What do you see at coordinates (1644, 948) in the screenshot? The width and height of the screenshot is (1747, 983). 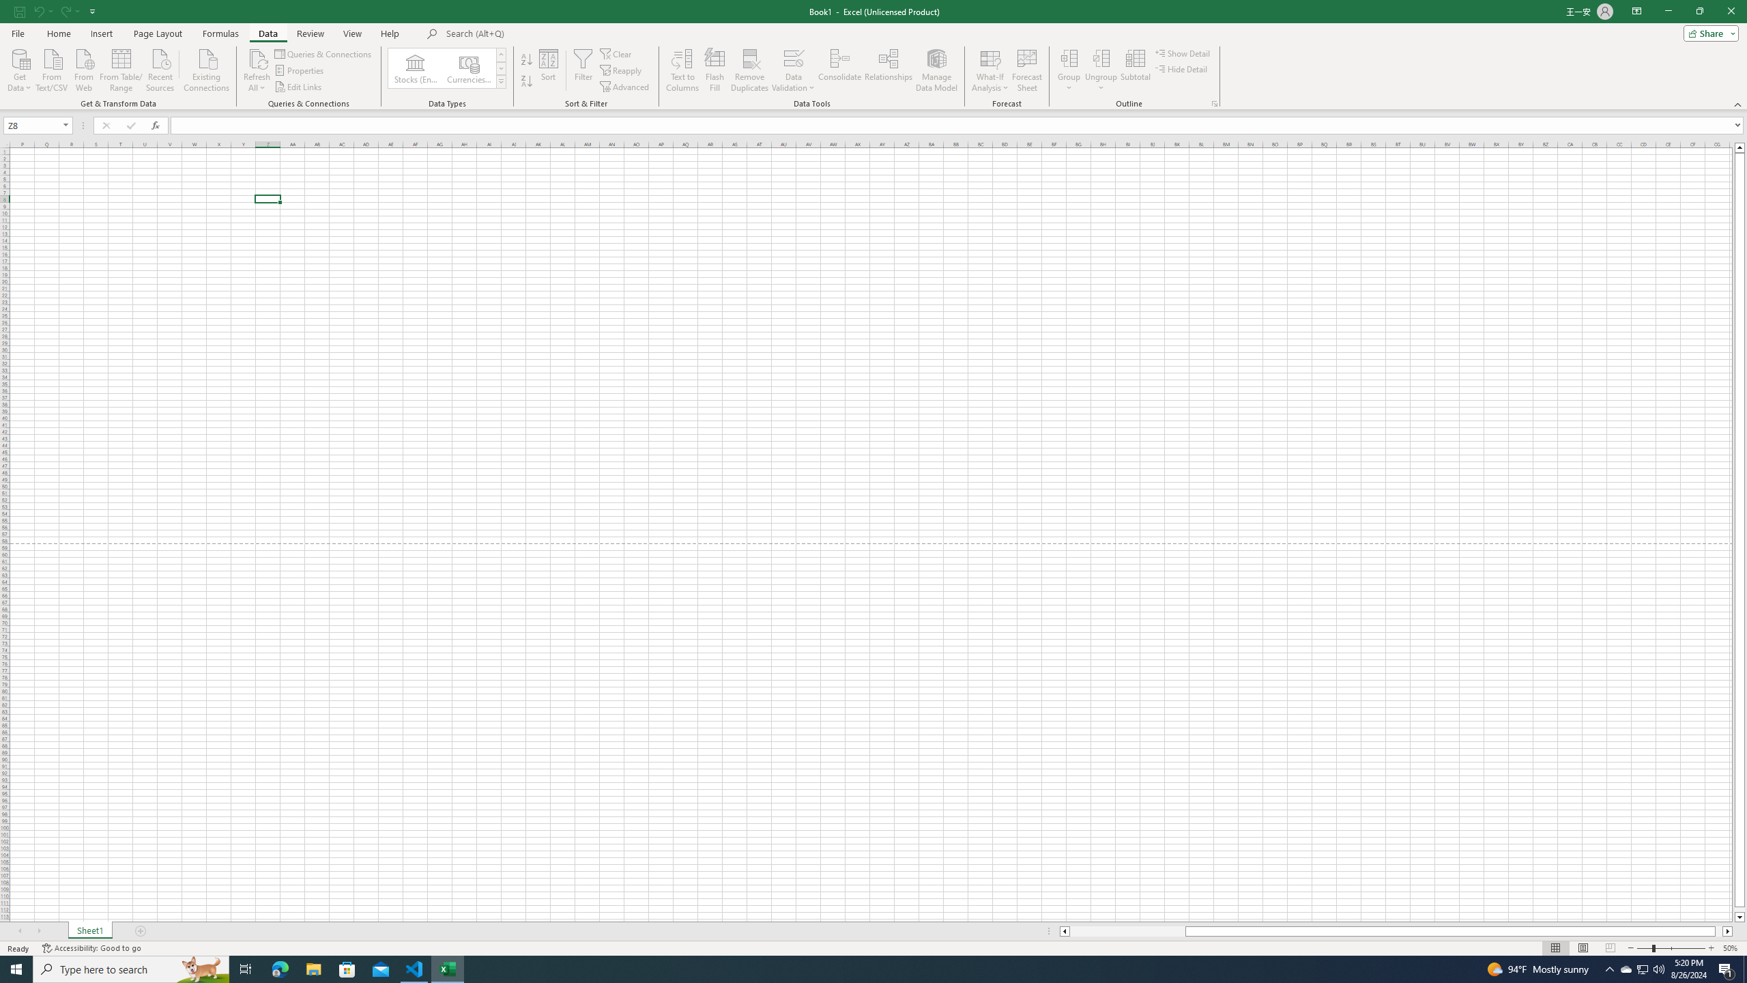 I see `'Zoom Out'` at bounding box center [1644, 948].